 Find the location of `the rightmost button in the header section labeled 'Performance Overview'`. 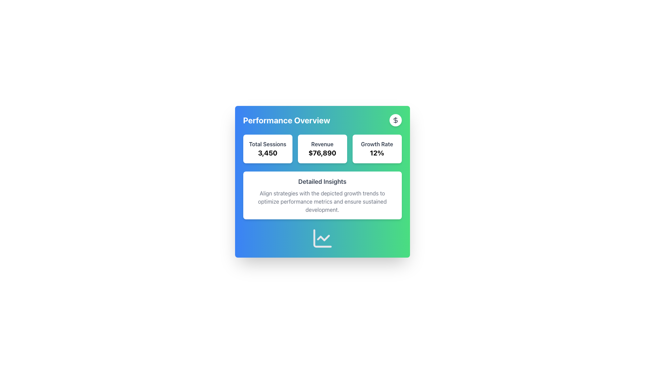

the rightmost button in the header section labeled 'Performance Overview' is located at coordinates (395, 120).